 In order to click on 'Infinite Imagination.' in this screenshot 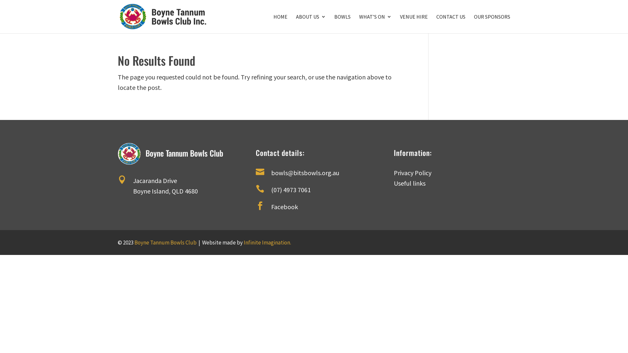, I will do `click(267, 242)`.